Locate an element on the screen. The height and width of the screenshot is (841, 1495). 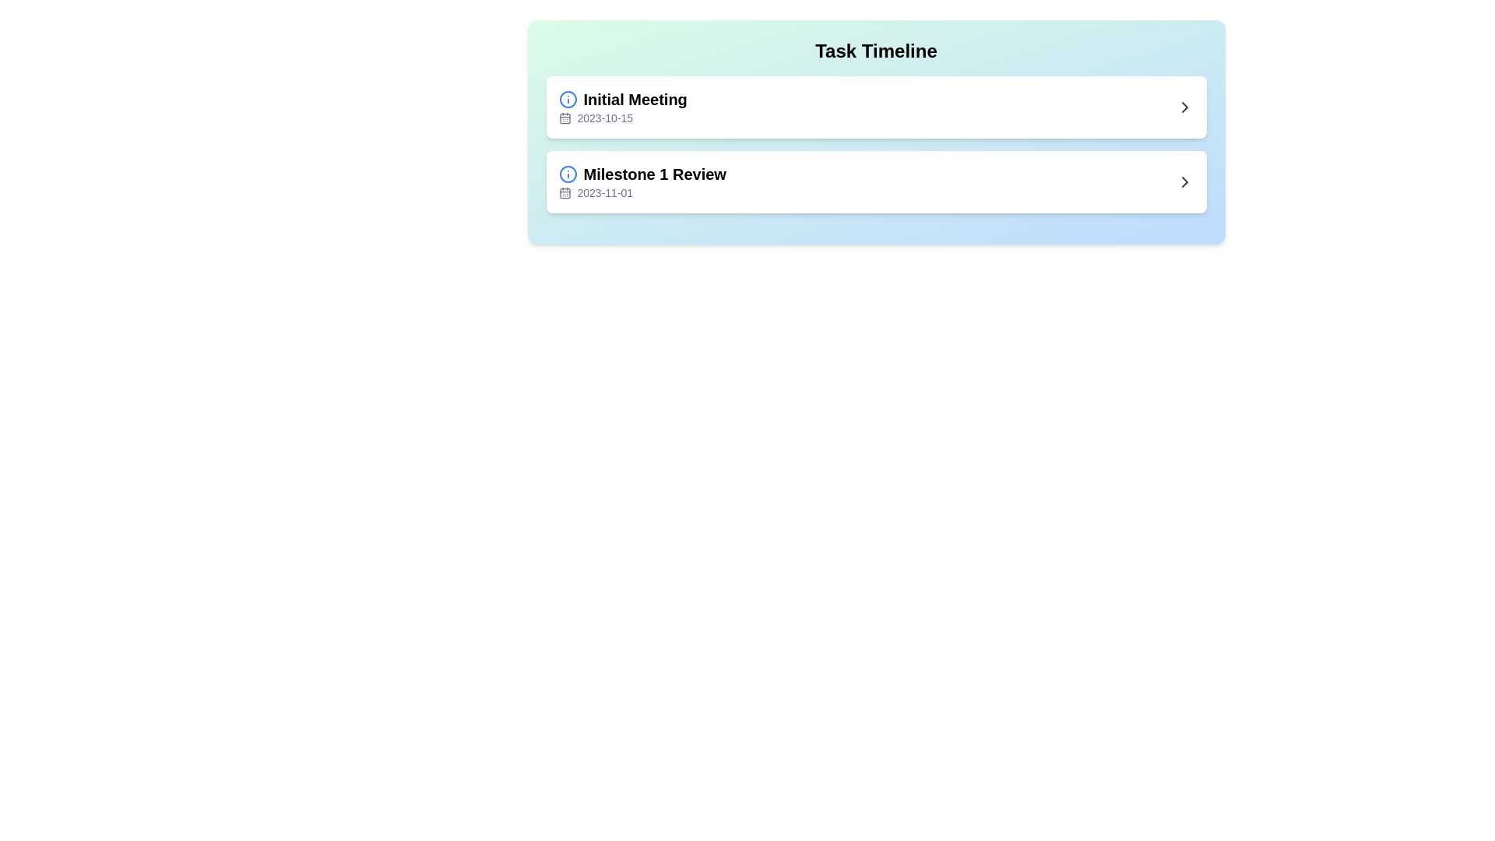
the SVG circle element representing the 'info' icon next to 'Milestone 1 Review' to indicate additional information is available is located at coordinates (567, 99).